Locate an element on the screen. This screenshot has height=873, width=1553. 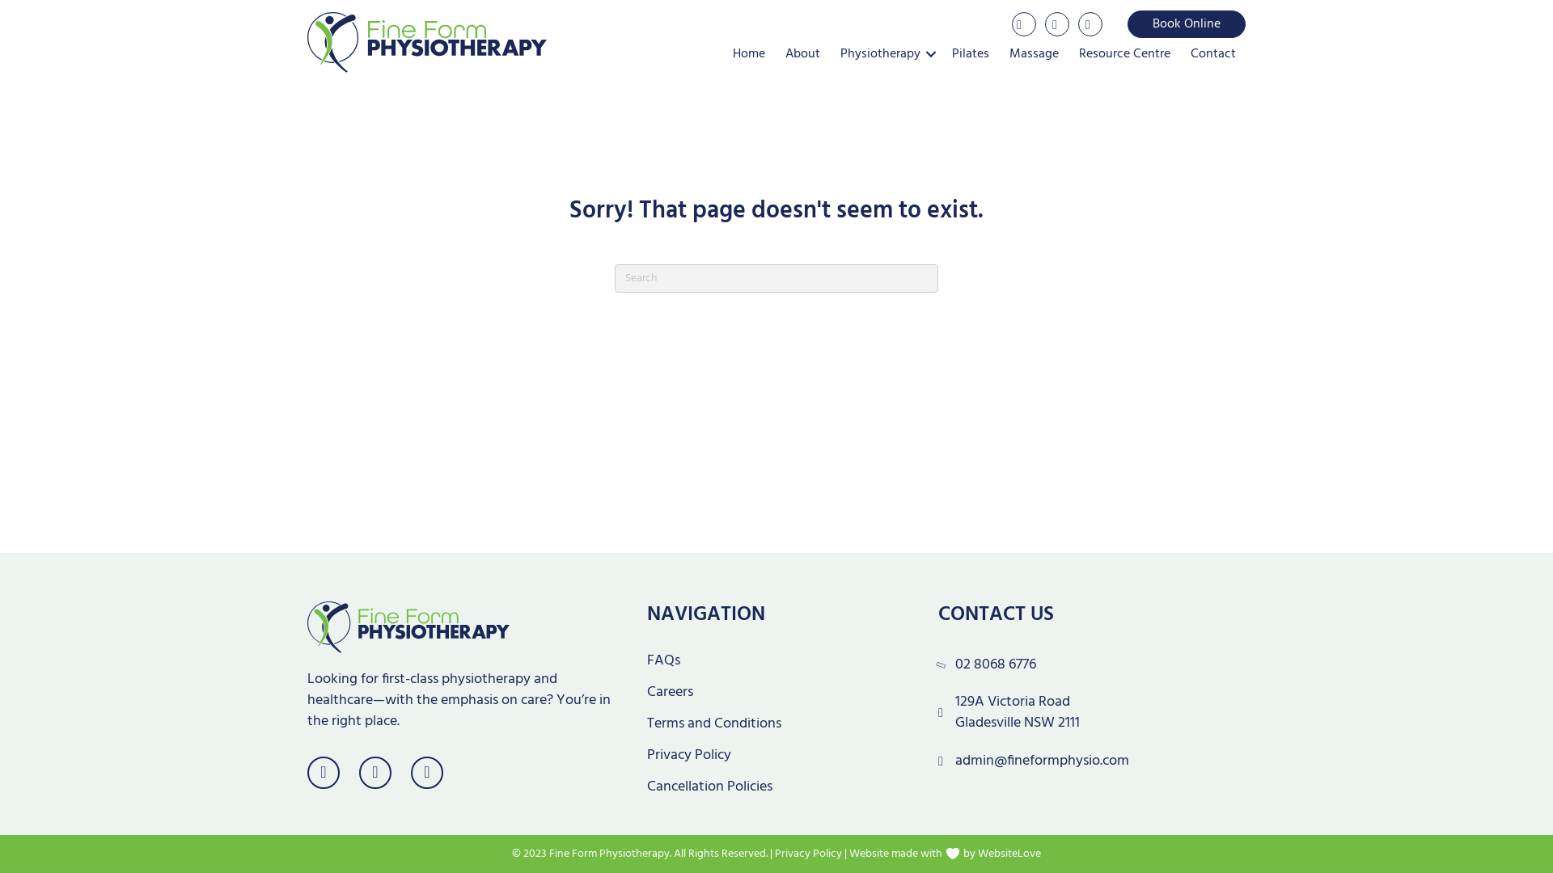
'Fine Form Physio Logo' is located at coordinates (427, 41).